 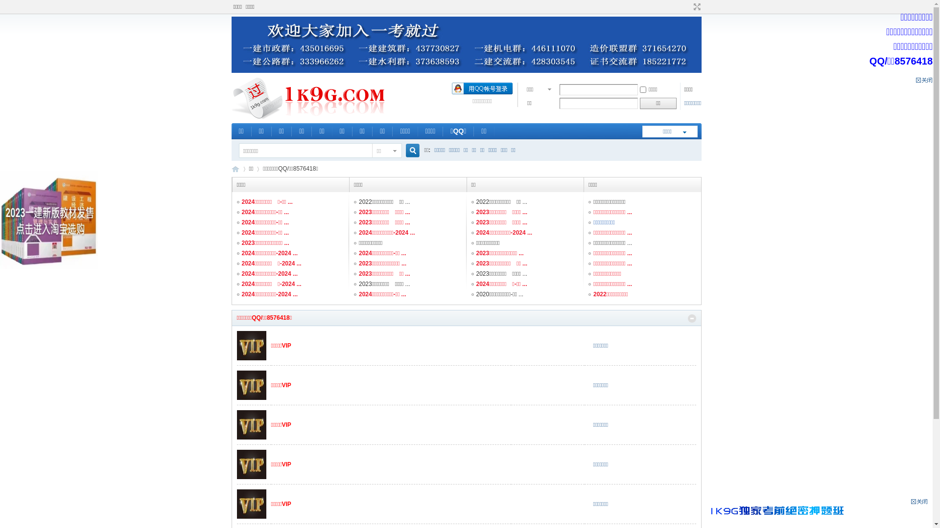 What do you see at coordinates (408, 151) in the screenshot?
I see `'true'` at bounding box center [408, 151].